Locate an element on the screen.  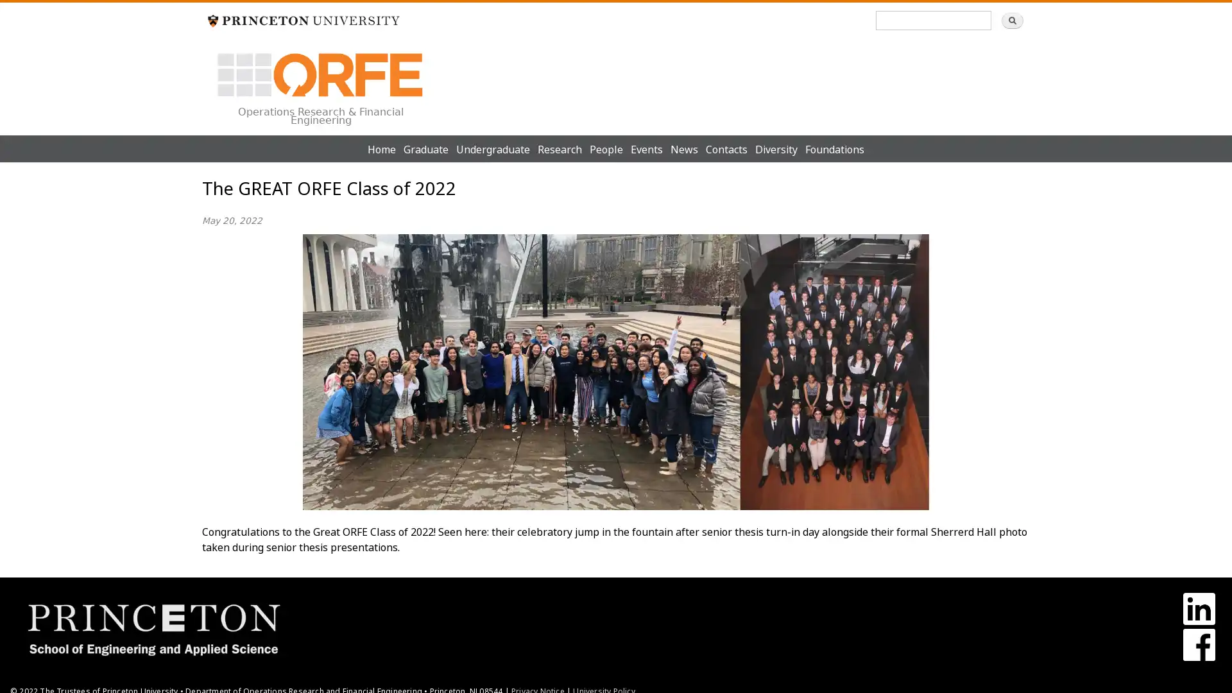
Search is located at coordinates (1012, 21).